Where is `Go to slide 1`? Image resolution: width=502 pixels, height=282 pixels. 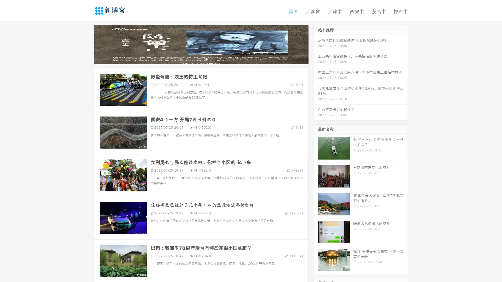 Go to slide 1 is located at coordinates (196, 59).